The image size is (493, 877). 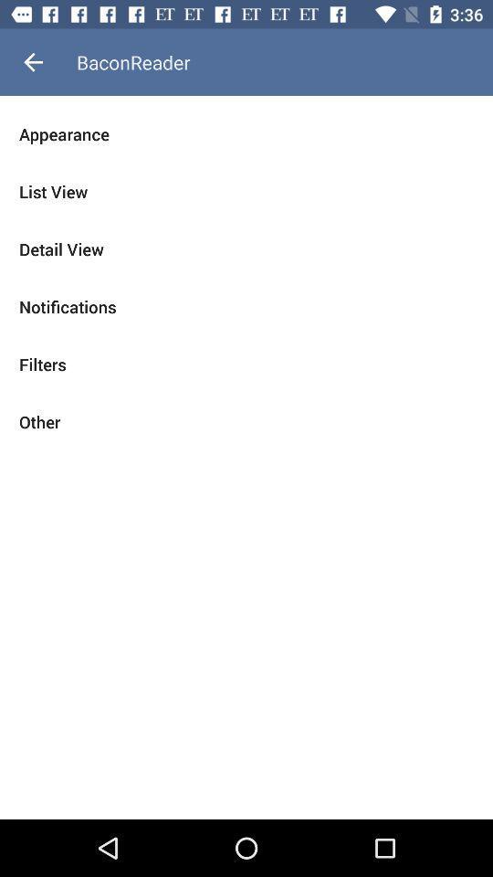 I want to click on item below appearance item, so click(x=246, y=192).